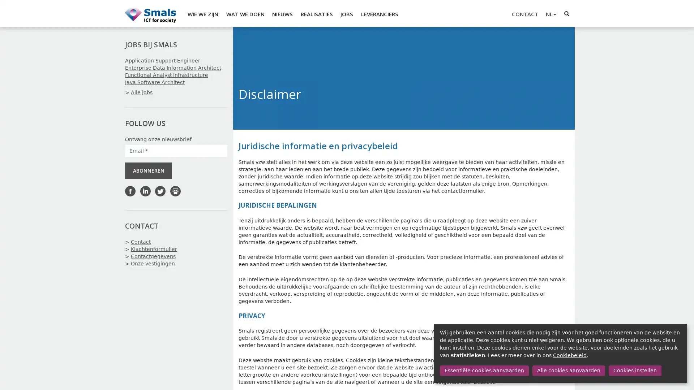  I want to click on Essentiele cookies aanvaarden, so click(484, 370).